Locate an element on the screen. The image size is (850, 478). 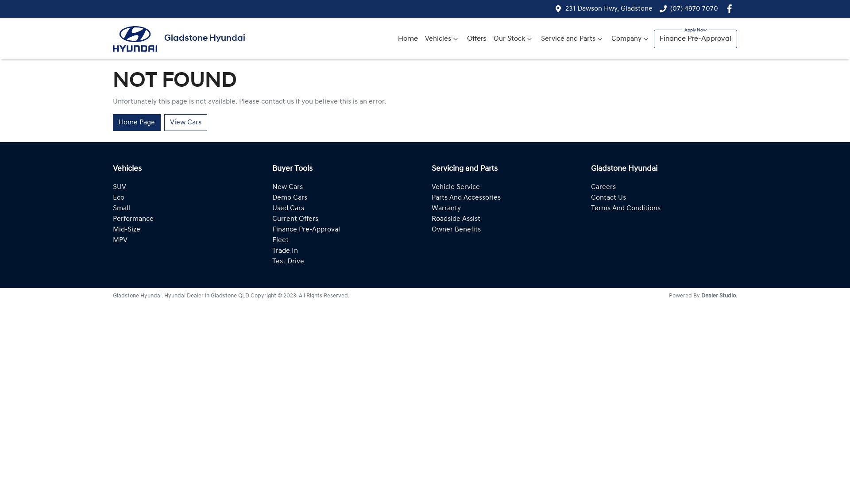
'View Cars' is located at coordinates (185, 123).